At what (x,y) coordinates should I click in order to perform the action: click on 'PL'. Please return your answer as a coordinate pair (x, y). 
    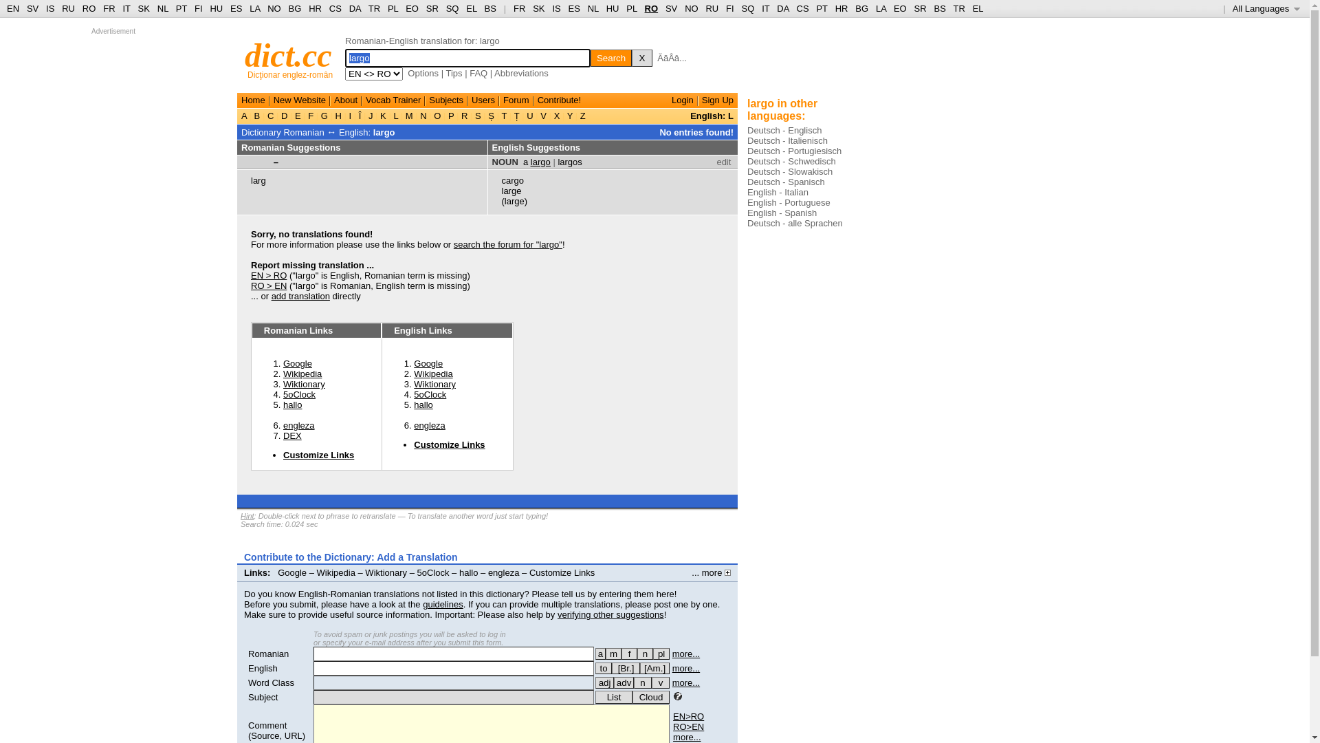
    Looking at the image, I should click on (630, 8).